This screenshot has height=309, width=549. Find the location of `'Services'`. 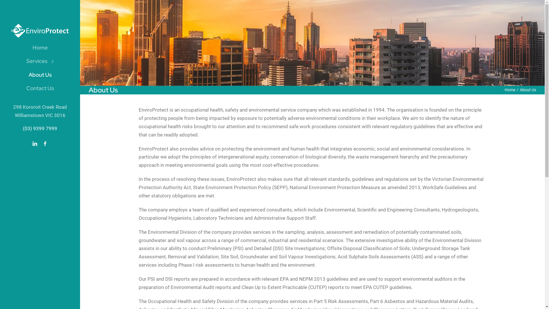

'Services' is located at coordinates (39, 61).